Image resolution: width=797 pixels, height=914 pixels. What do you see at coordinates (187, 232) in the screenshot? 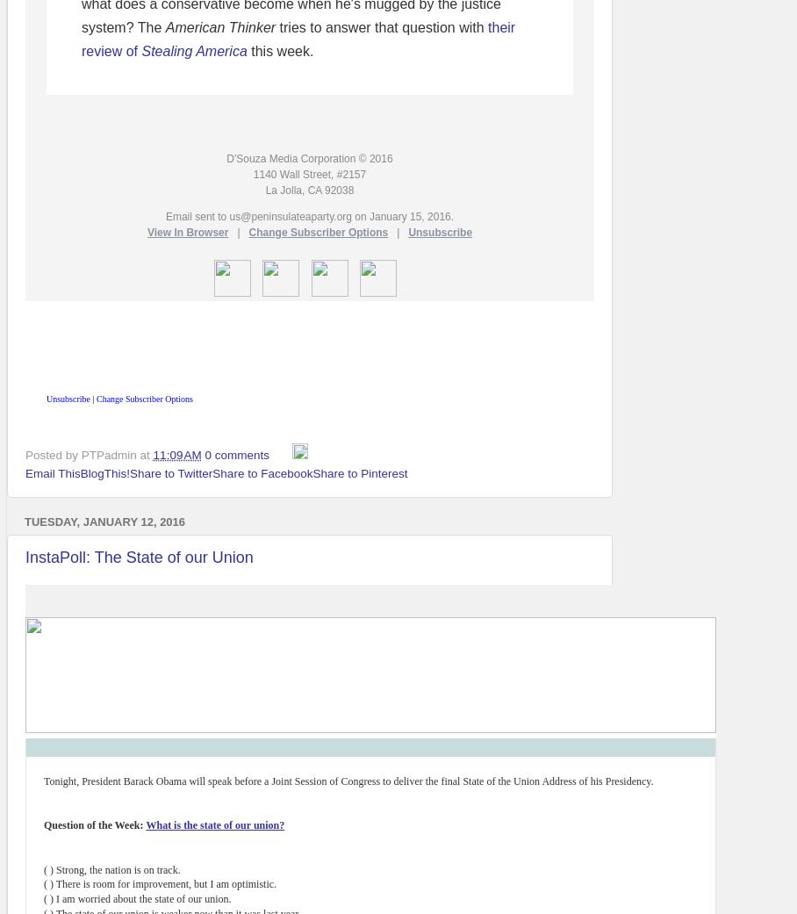
I see `'View In Browser'` at bounding box center [187, 232].